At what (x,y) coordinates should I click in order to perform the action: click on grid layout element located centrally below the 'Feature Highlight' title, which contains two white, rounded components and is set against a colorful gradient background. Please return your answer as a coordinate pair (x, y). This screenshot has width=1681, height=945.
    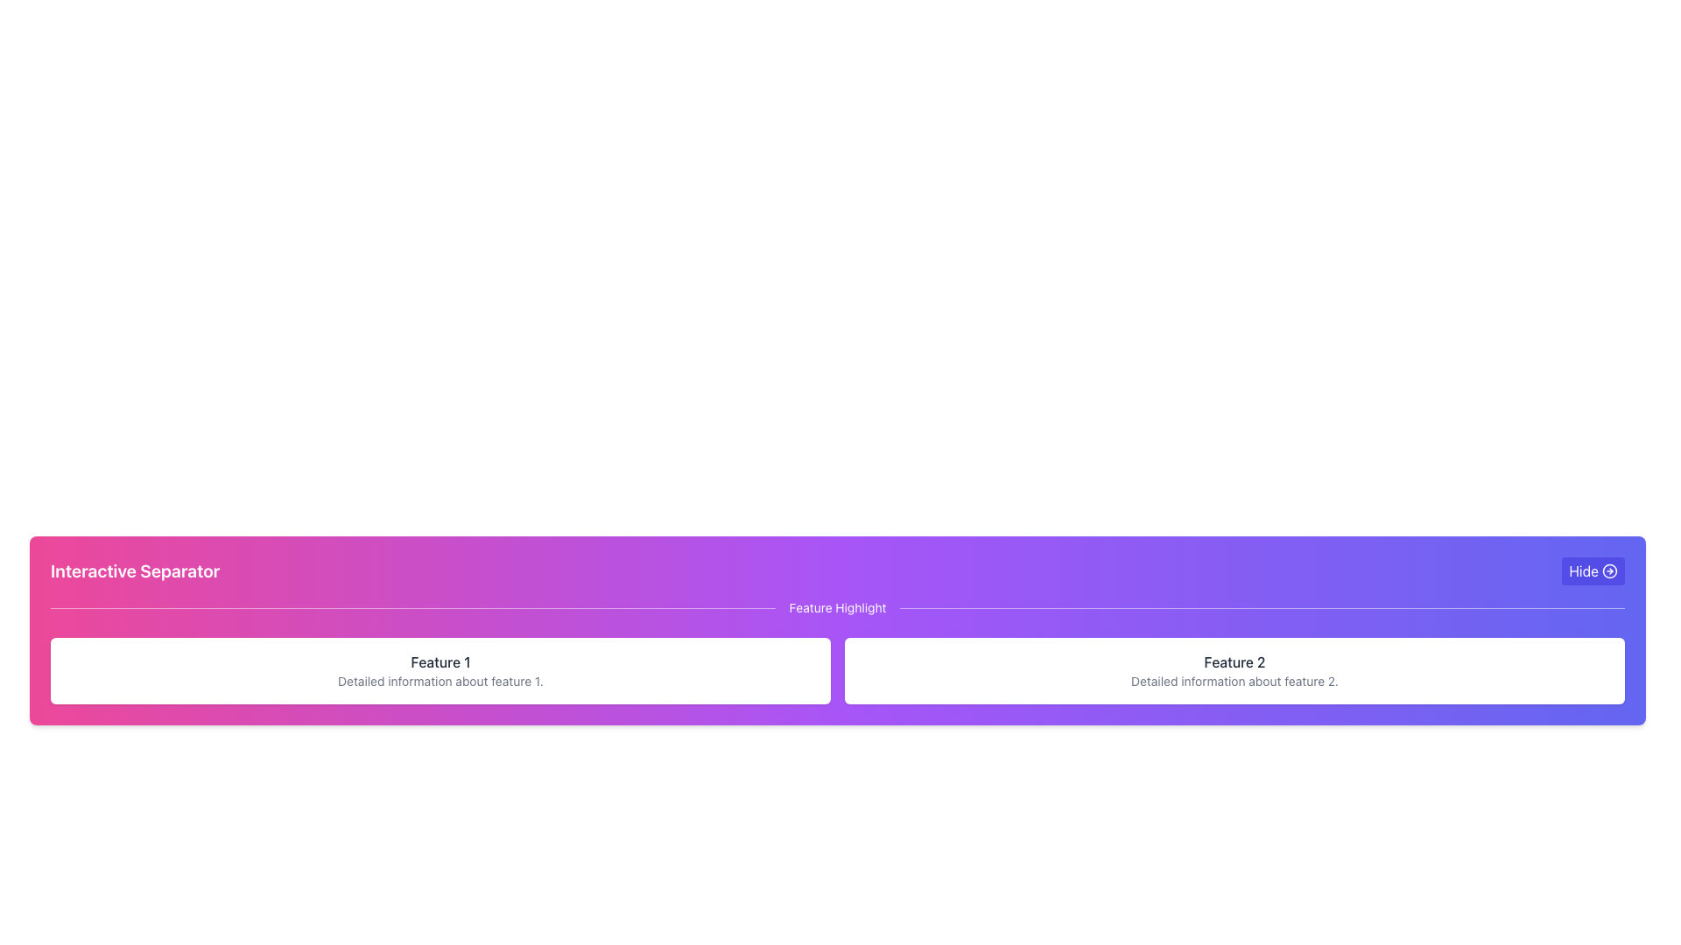
    Looking at the image, I should click on (836, 670).